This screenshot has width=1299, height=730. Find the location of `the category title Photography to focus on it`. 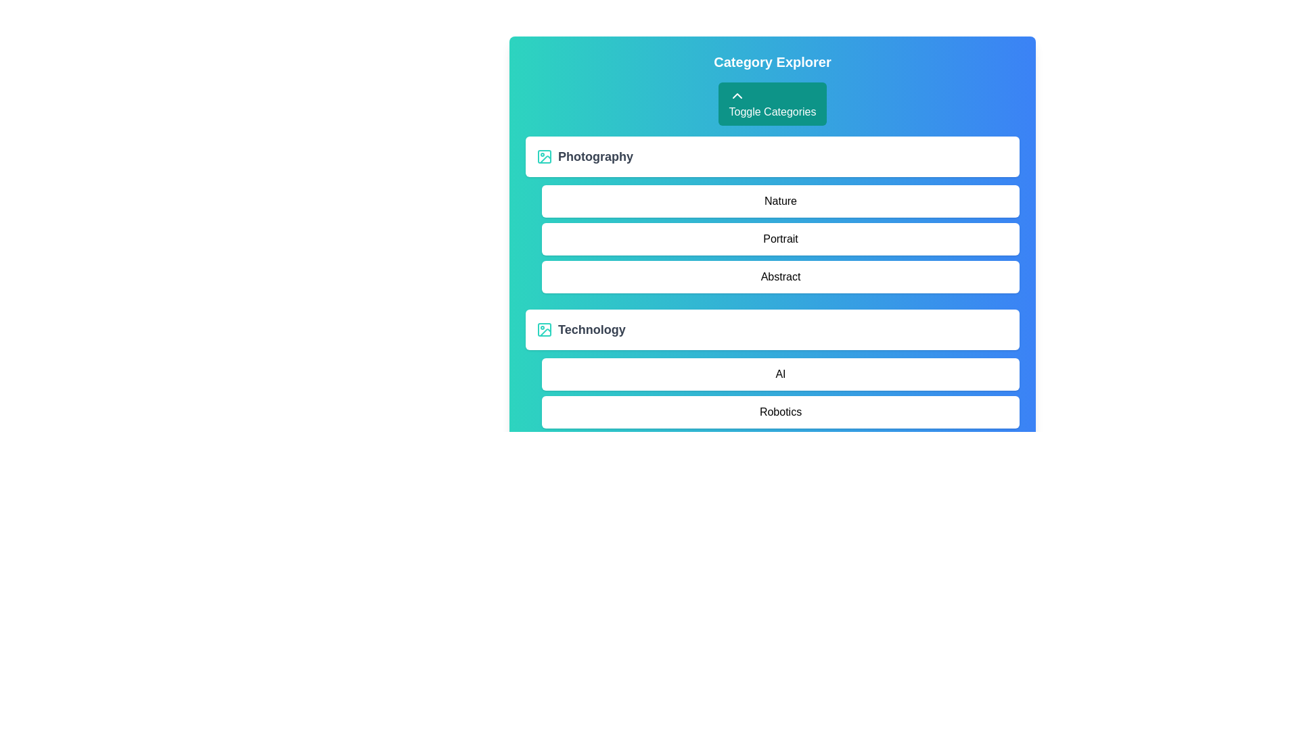

the category title Photography to focus on it is located at coordinates (595, 155).